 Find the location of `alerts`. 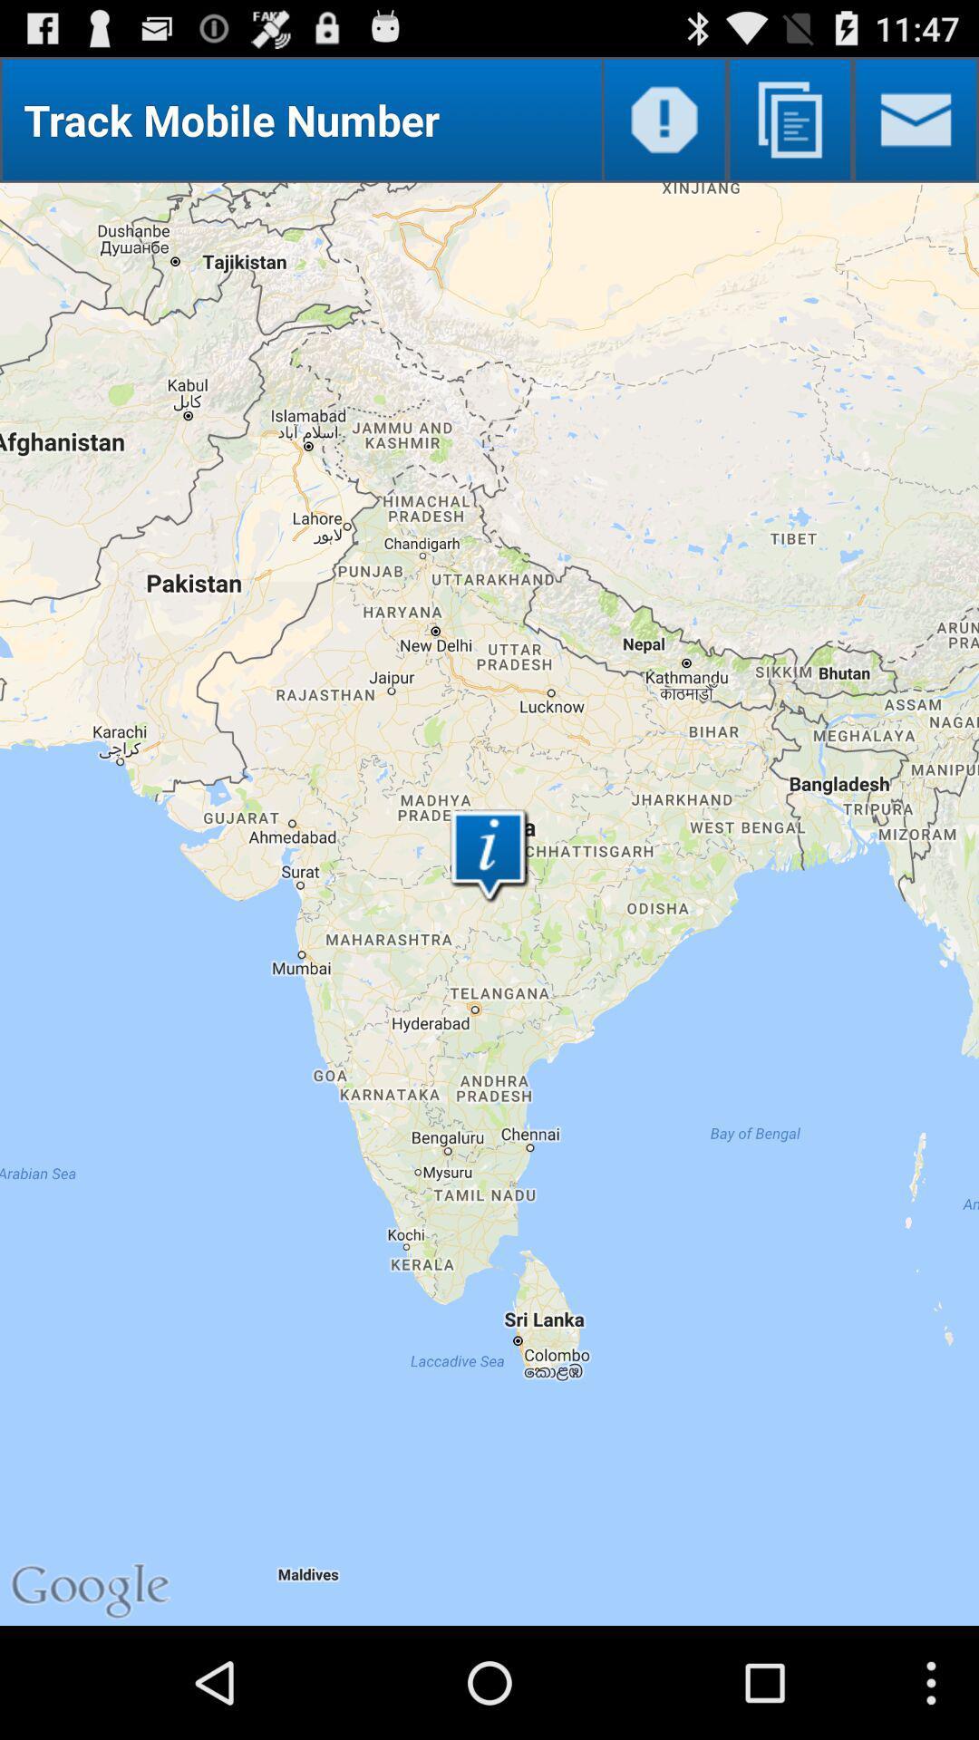

alerts is located at coordinates (664, 119).